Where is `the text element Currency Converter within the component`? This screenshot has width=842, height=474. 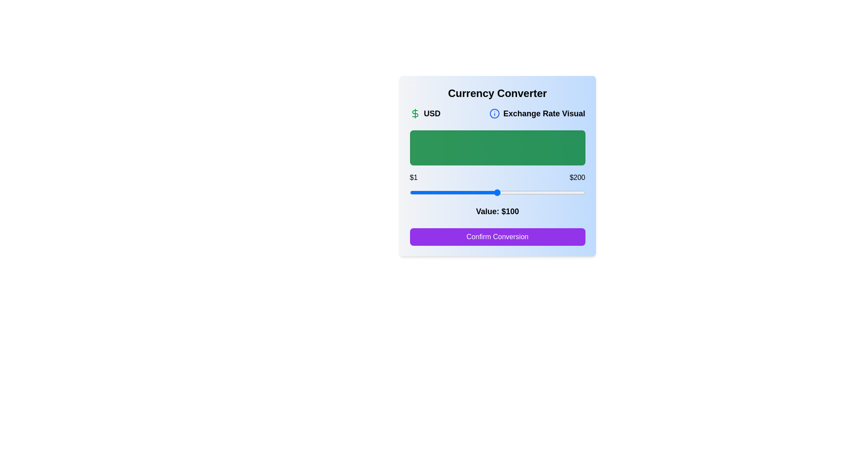
the text element Currency Converter within the component is located at coordinates (497, 93).